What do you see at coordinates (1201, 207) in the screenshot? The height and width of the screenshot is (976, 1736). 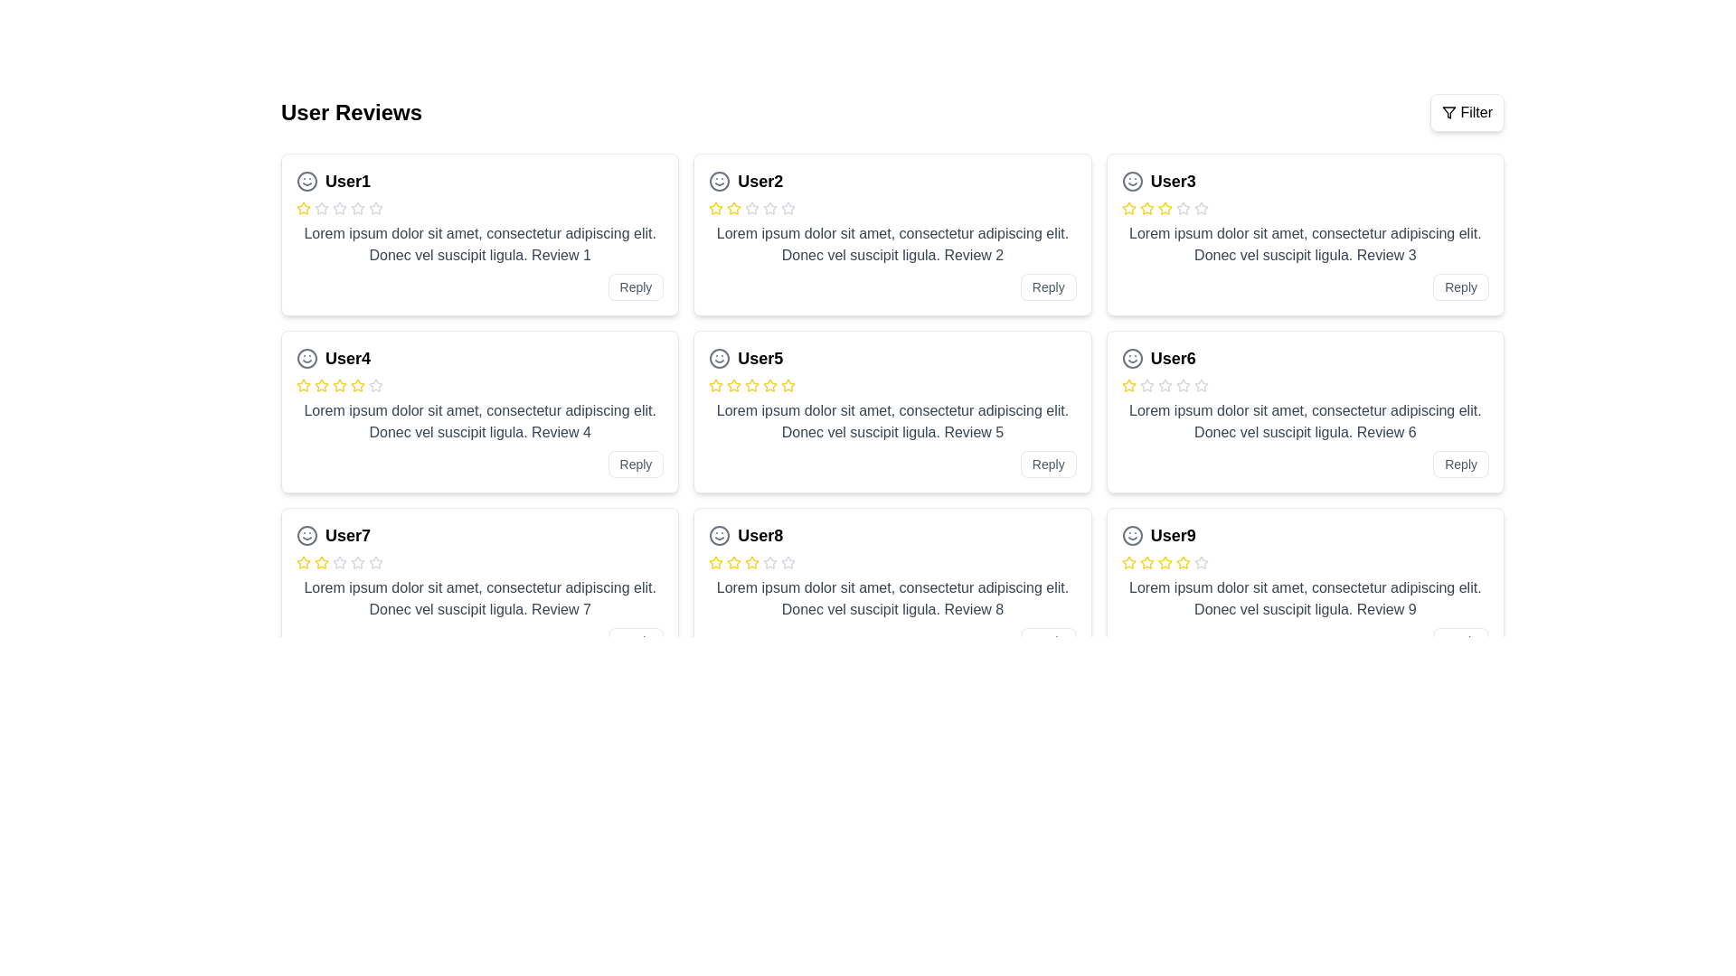 I see `the third star` at bounding box center [1201, 207].